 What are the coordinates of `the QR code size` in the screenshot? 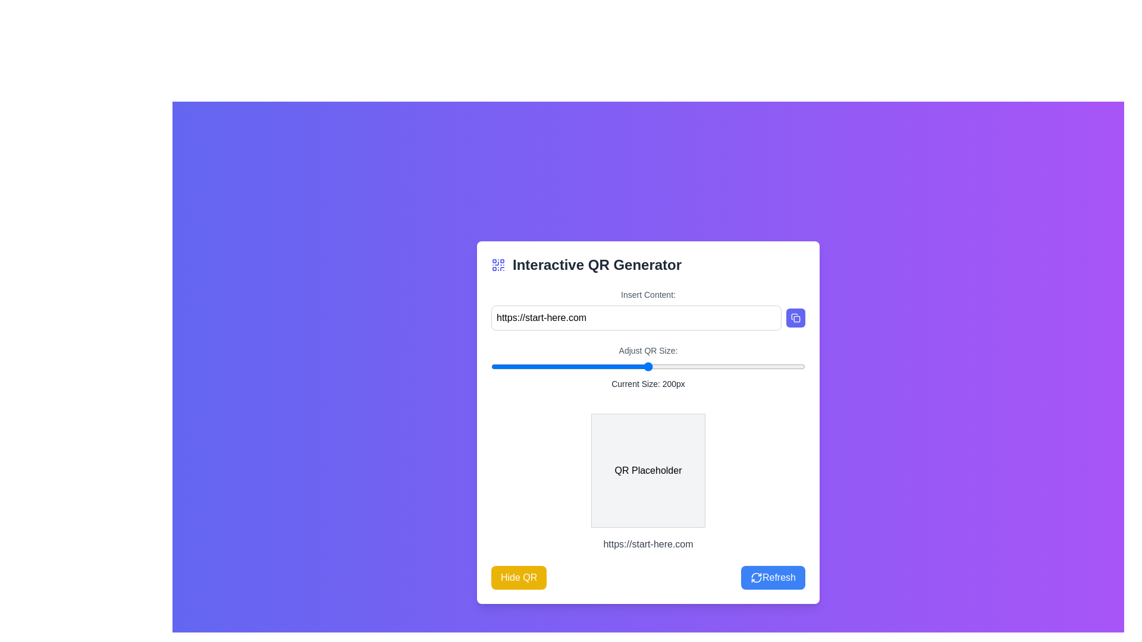 It's located at (786, 366).